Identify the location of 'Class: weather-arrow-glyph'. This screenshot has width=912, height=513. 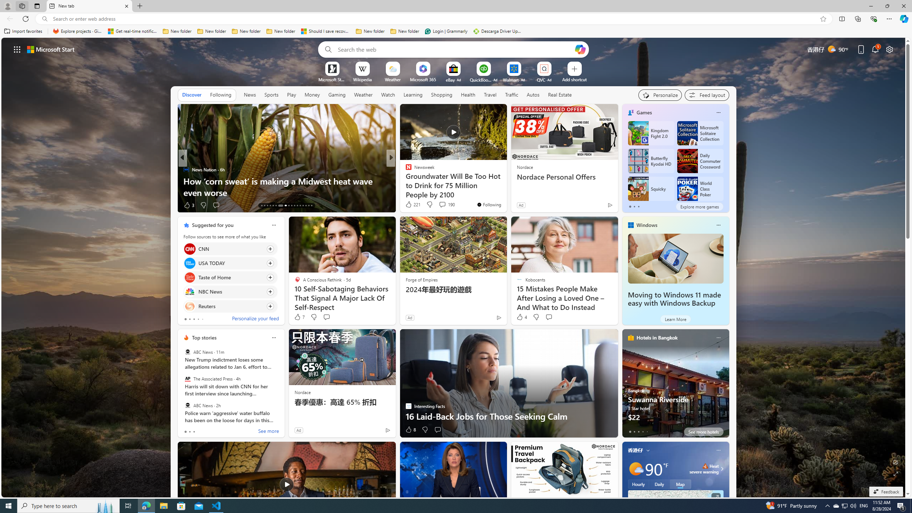
(721, 468).